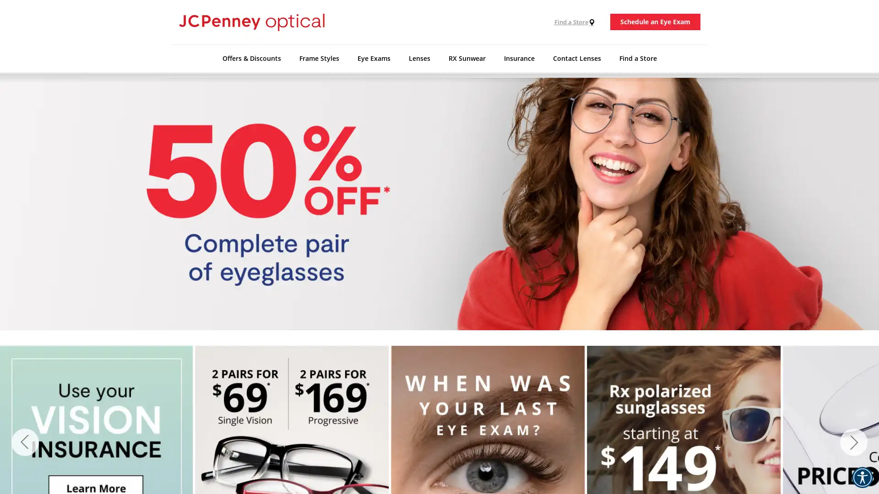 The image size is (879, 494). Describe the element at coordinates (655, 21) in the screenshot. I see `Schedule an Eye Exam` at that location.